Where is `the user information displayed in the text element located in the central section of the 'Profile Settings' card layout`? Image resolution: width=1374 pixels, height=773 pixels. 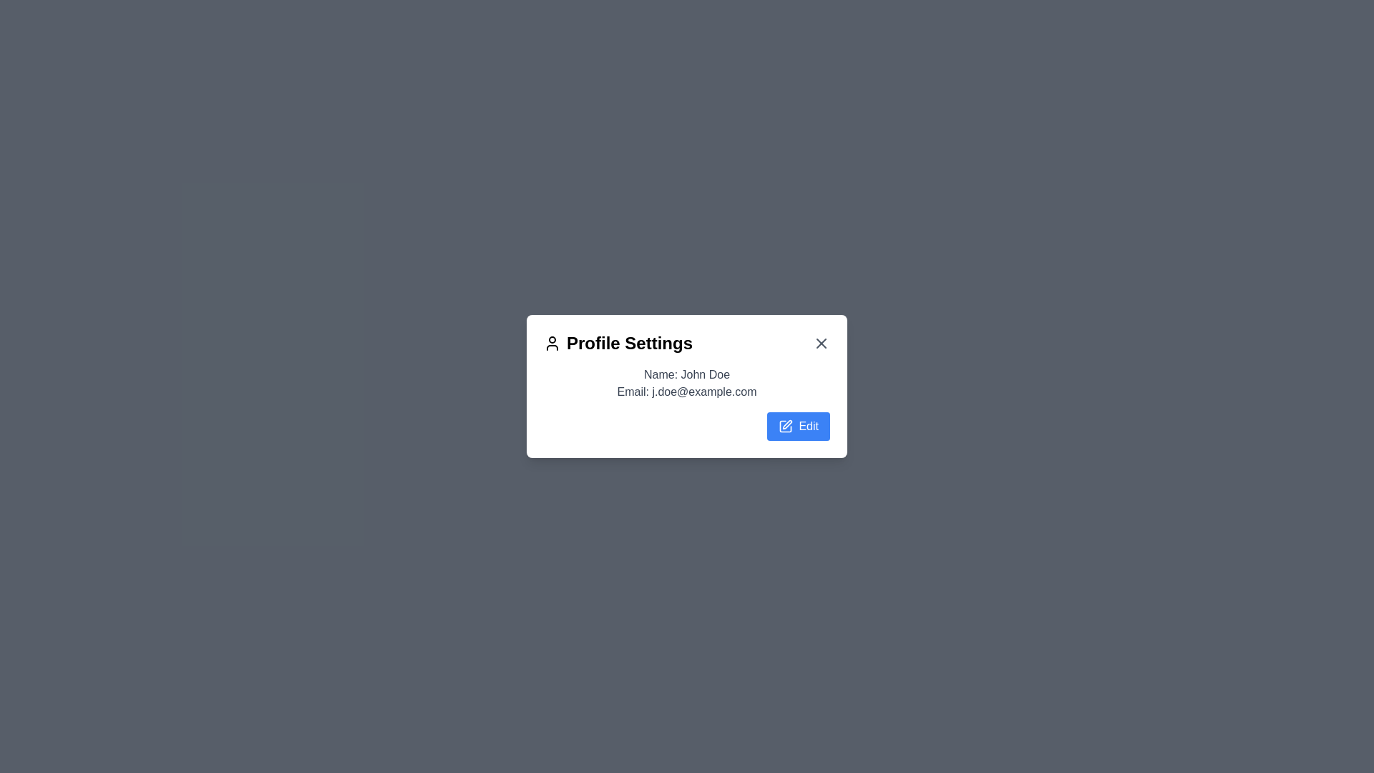
the user information displayed in the text element located in the central section of the 'Profile Settings' card layout is located at coordinates (687, 403).